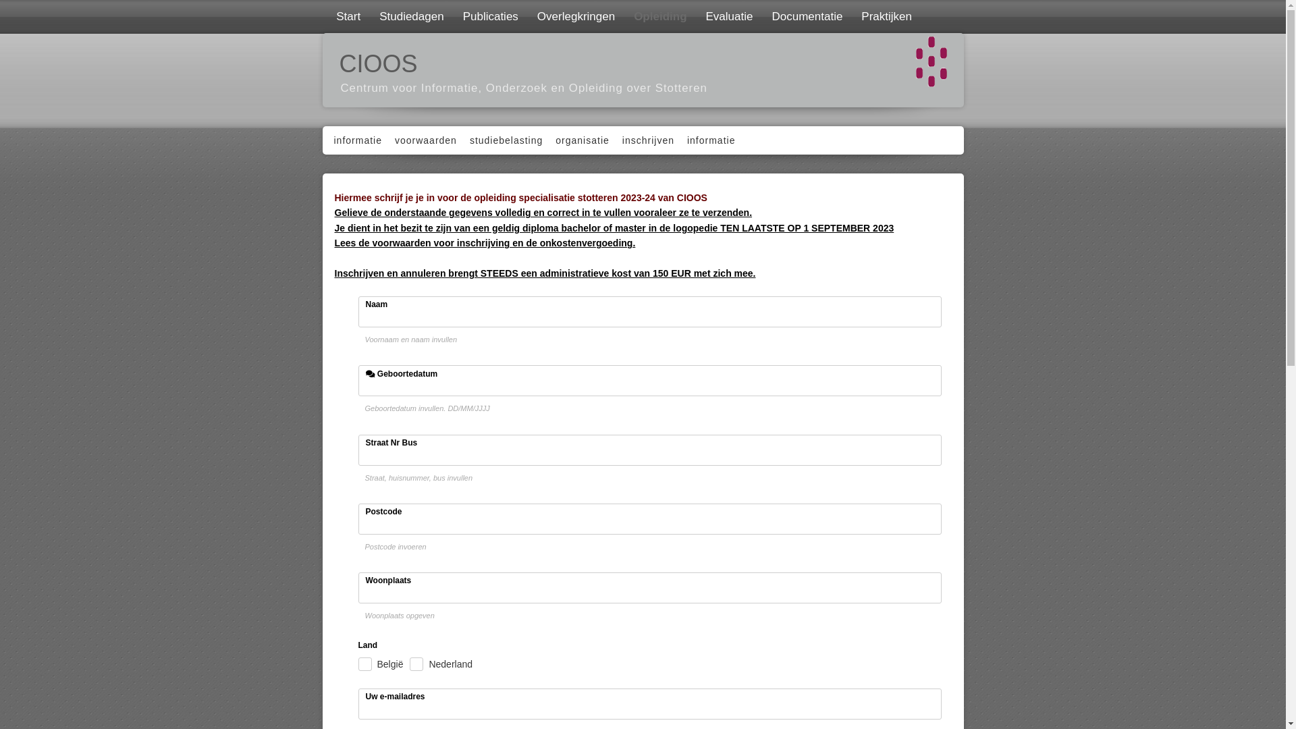 The height and width of the screenshot is (729, 1296). I want to click on 'informatie', so click(356, 140).